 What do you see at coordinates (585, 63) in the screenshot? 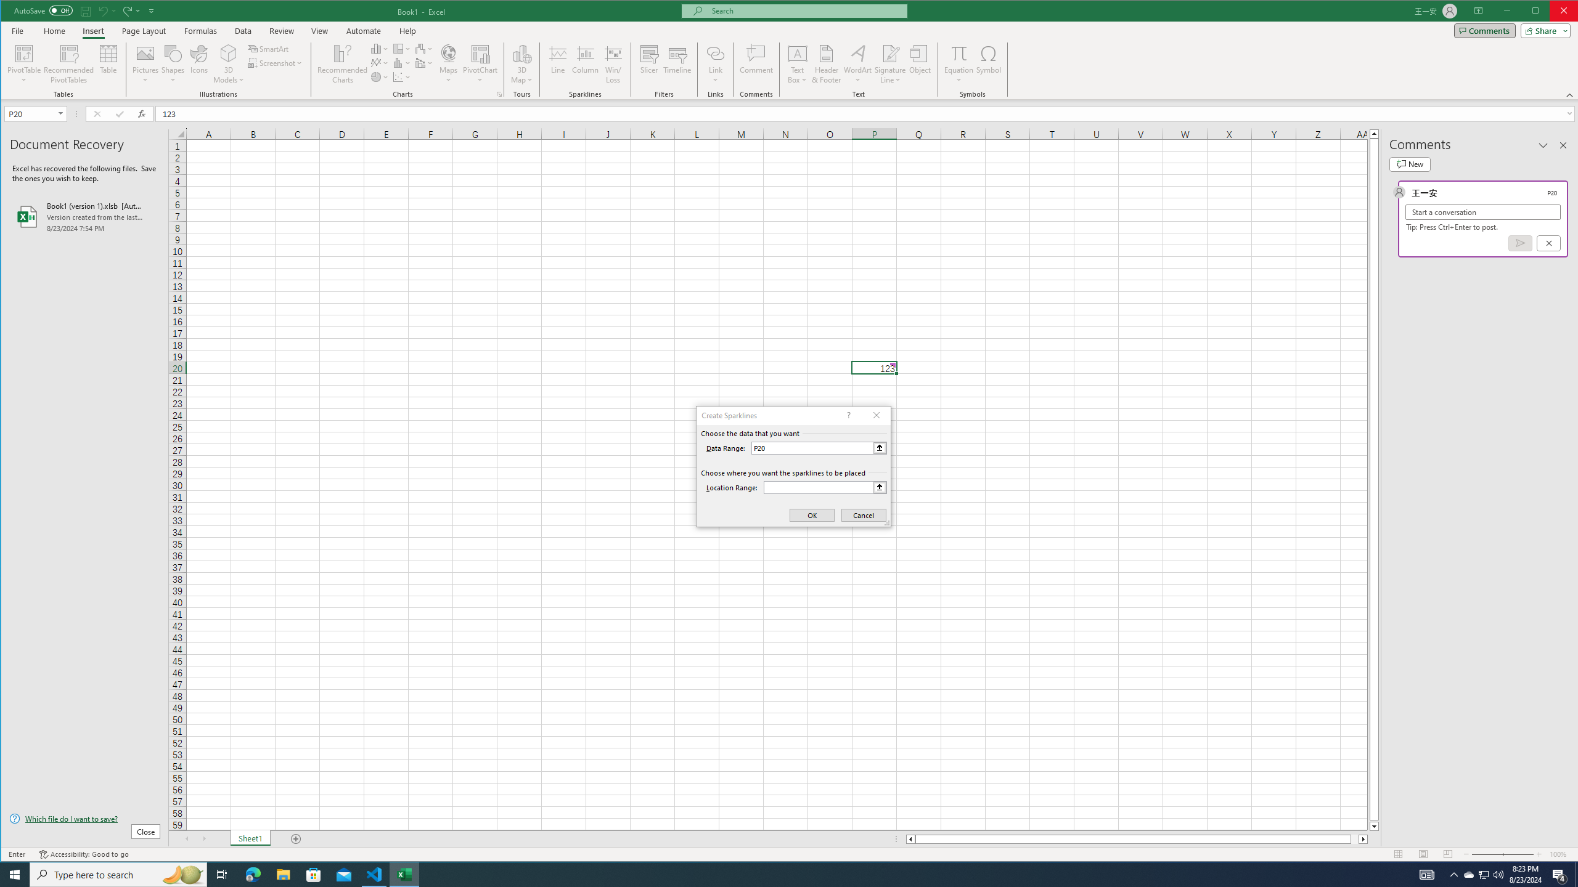
I see `'Column'` at bounding box center [585, 63].